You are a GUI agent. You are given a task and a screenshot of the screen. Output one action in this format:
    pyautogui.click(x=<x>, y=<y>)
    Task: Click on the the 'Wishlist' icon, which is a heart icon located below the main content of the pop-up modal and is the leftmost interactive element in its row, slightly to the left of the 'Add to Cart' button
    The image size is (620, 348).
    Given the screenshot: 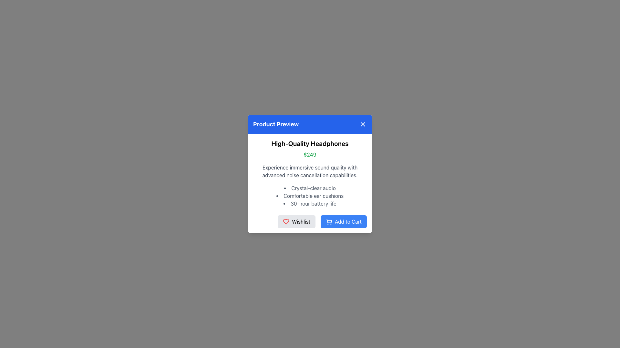 What is the action you would take?
    pyautogui.click(x=286, y=221)
    